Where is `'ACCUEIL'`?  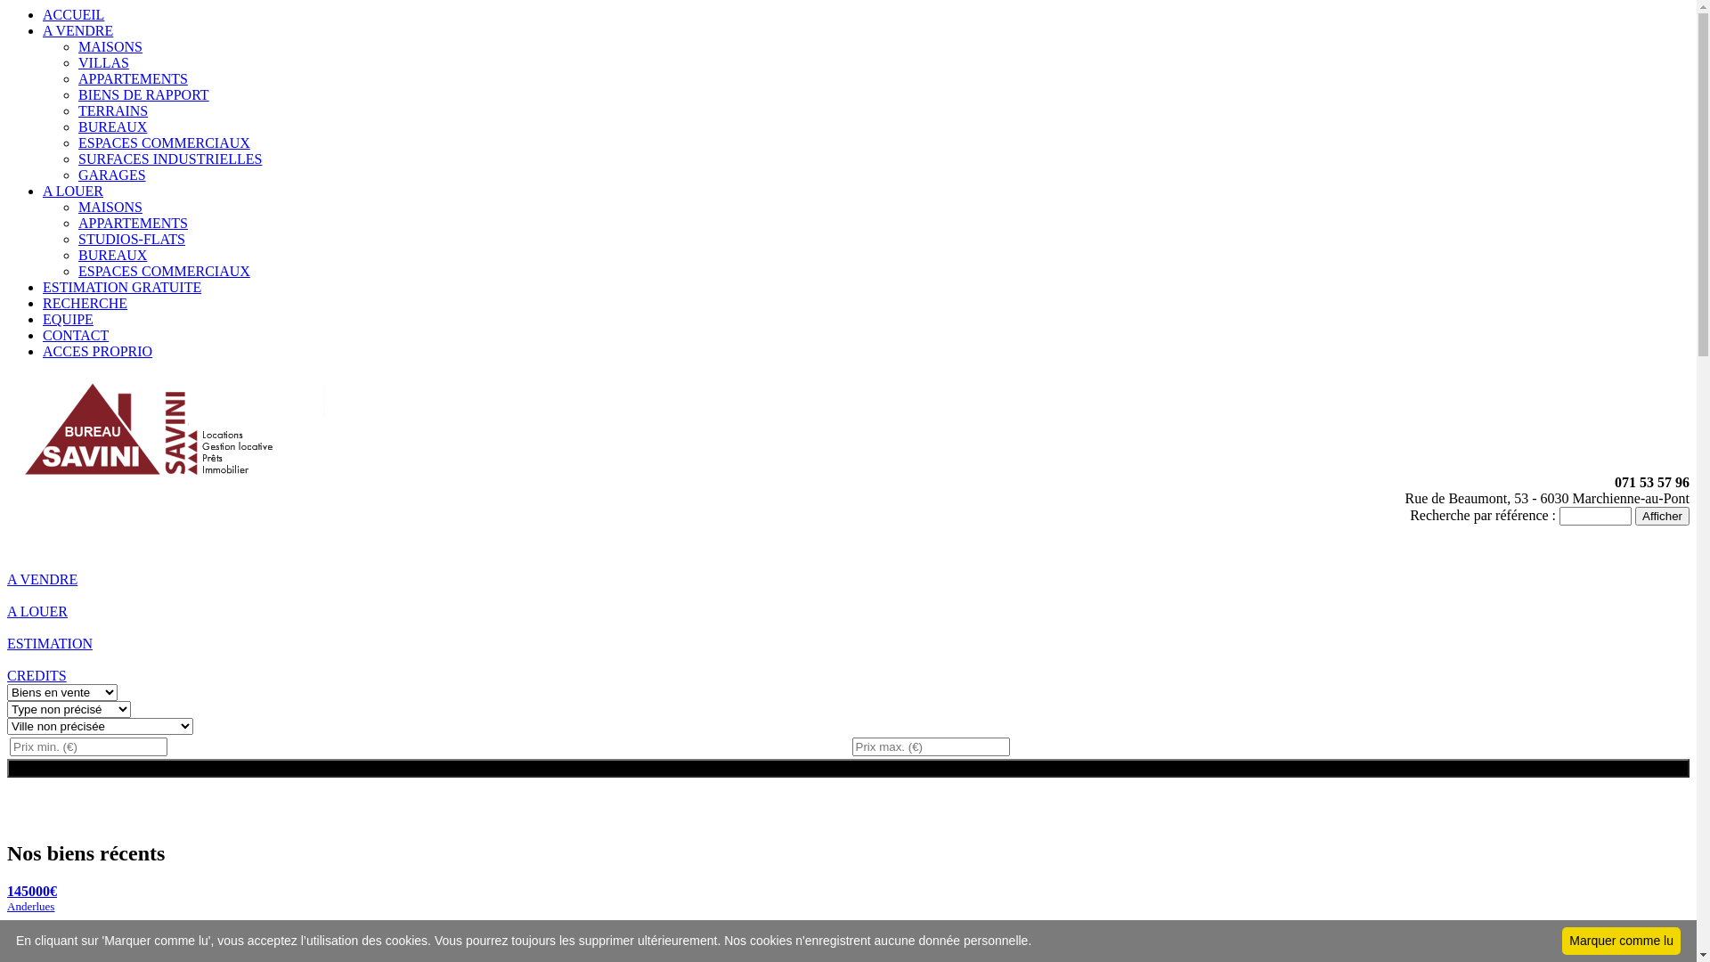 'ACCUEIL' is located at coordinates (72, 14).